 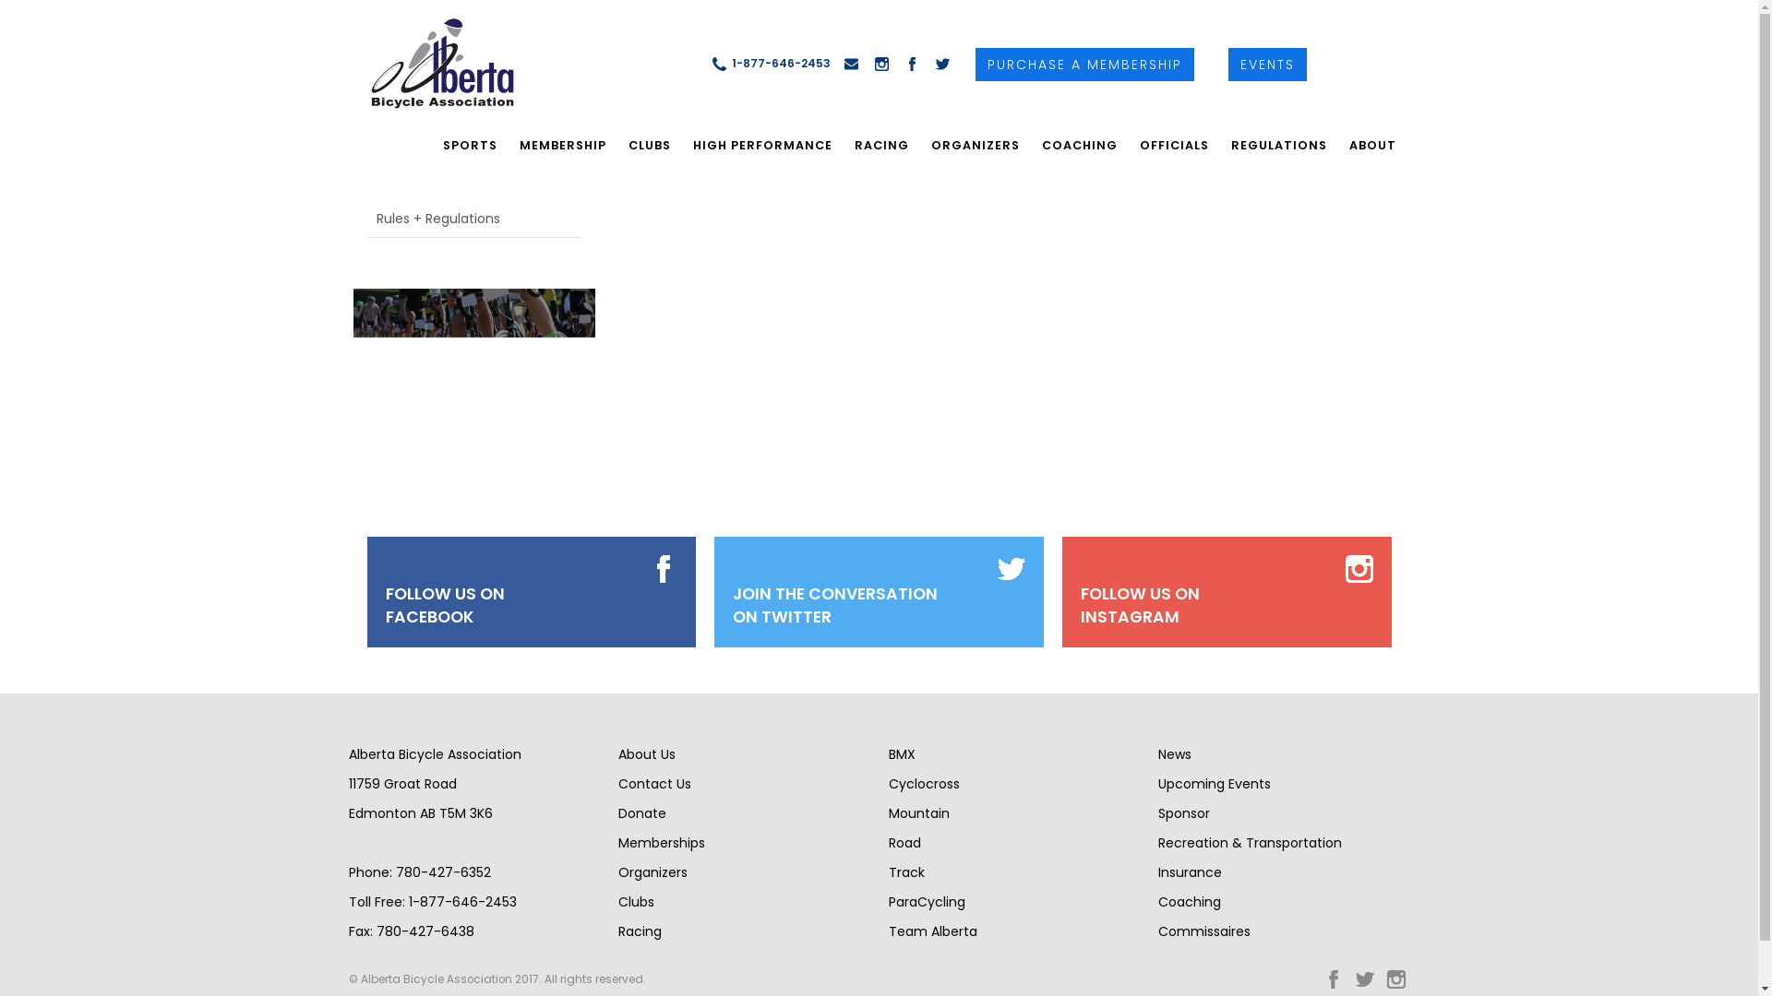 I want to click on 'PURCHASE A MEMBERSHIP', so click(x=1084, y=63).